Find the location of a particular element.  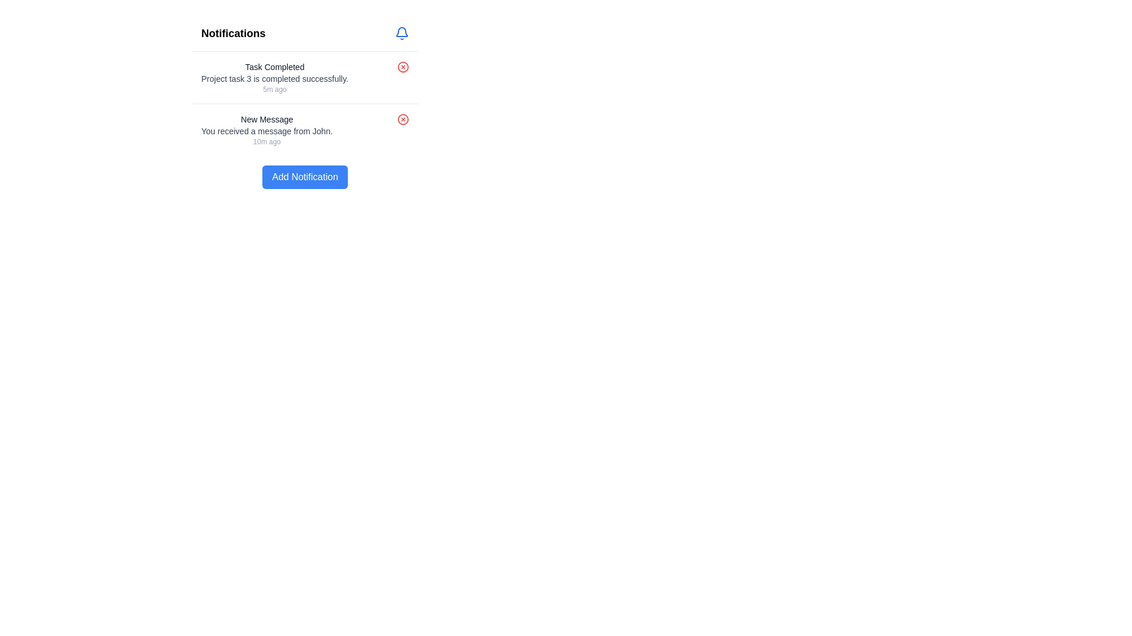

the small-sized text element displaying '10m ago' in light gray color, located at the bottom-right corner of the 'New Message' notification is located at coordinates (266, 141).